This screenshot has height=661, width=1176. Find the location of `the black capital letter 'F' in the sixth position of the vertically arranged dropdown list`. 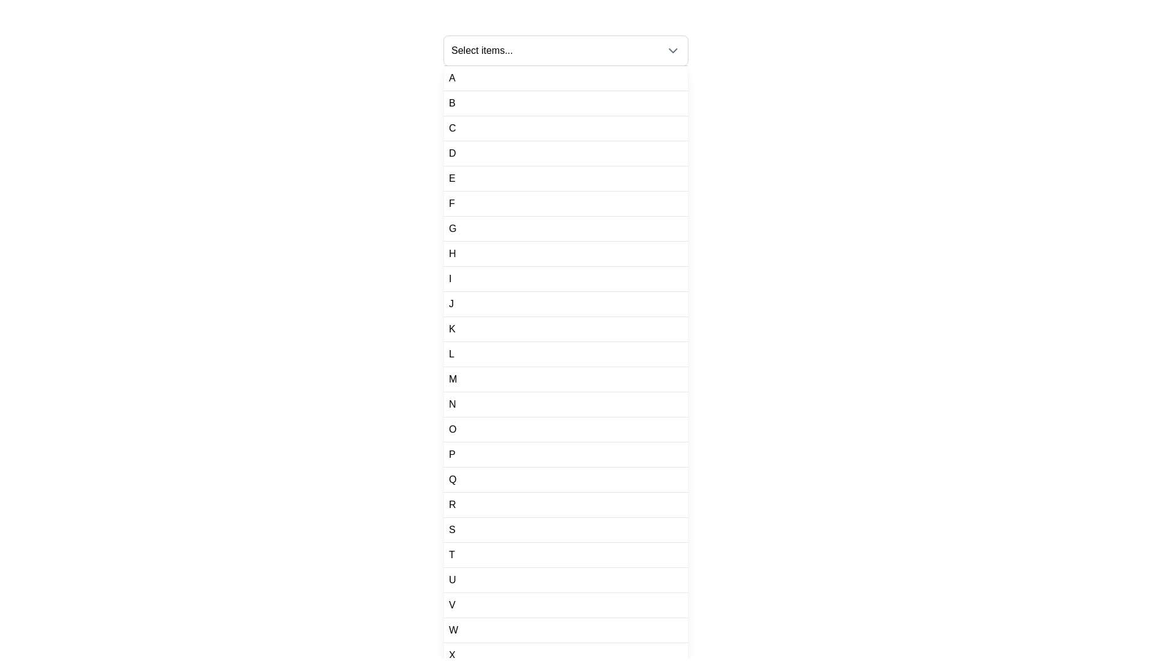

the black capital letter 'F' in the sixth position of the vertically arranged dropdown list is located at coordinates (451, 203).